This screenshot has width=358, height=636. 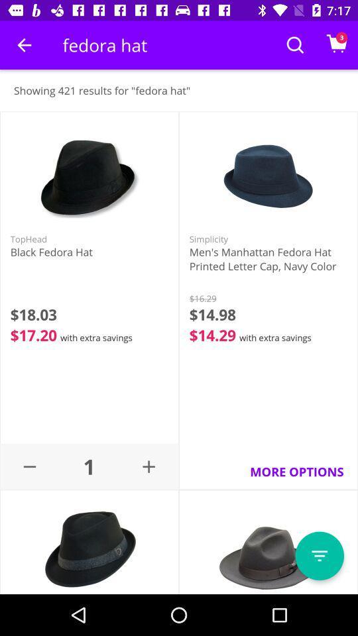 What do you see at coordinates (24, 45) in the screenshot?
I see `the icon next to fedora hat item` at bounding box center [24, 45].